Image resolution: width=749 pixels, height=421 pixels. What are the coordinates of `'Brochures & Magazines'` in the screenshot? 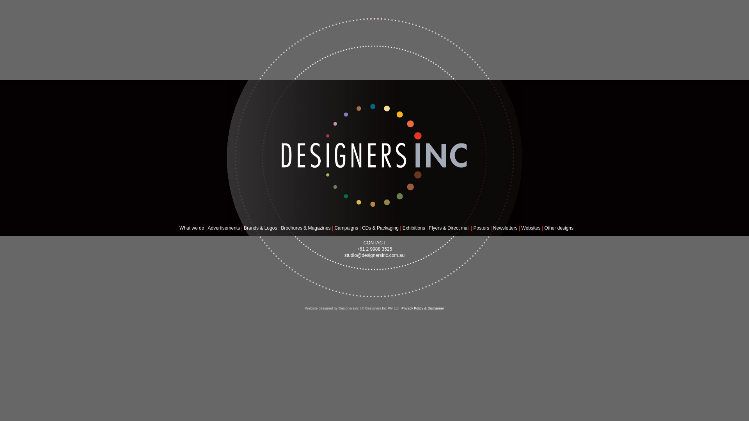 It's located at (305, 228).